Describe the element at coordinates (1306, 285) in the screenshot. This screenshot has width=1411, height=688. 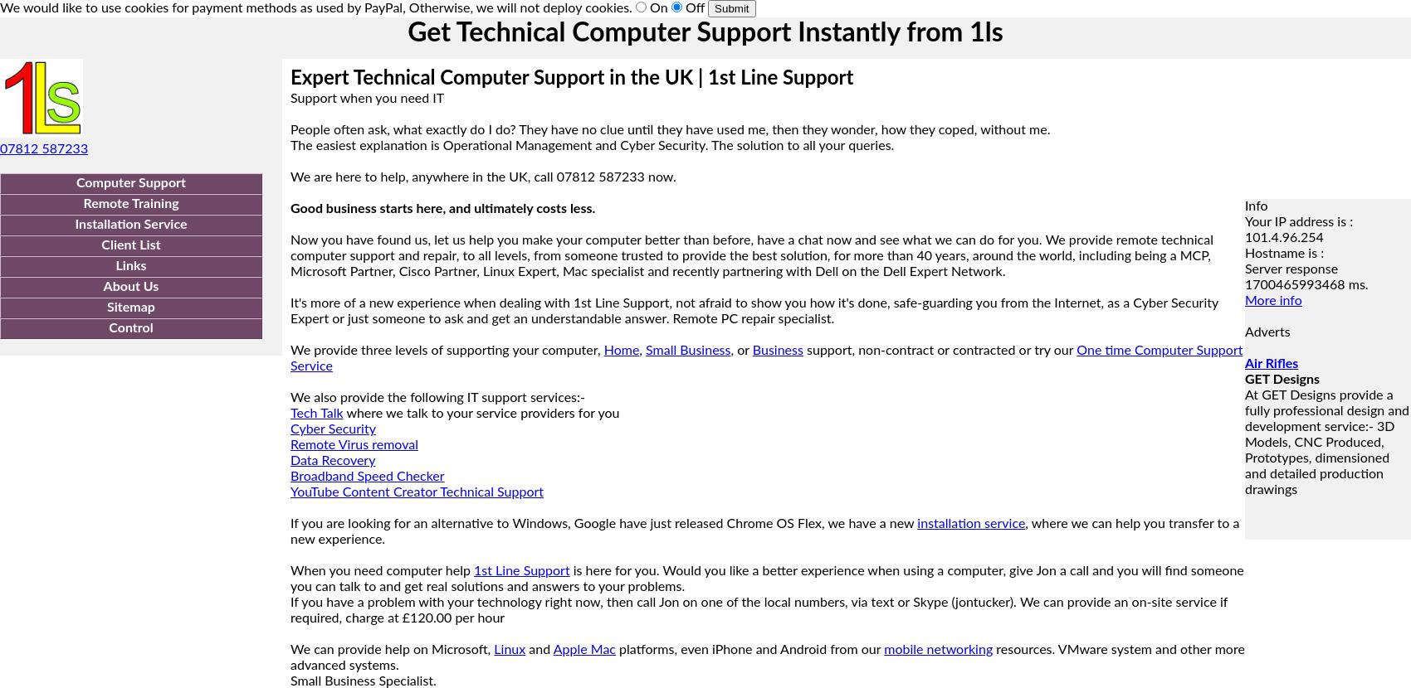
I see `'1700465993468 ms.'` at that location.